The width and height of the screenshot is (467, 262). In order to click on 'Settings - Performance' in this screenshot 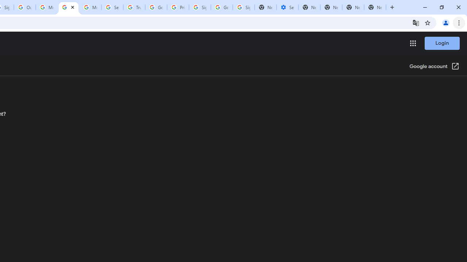, I will do `click(287, 7)`.